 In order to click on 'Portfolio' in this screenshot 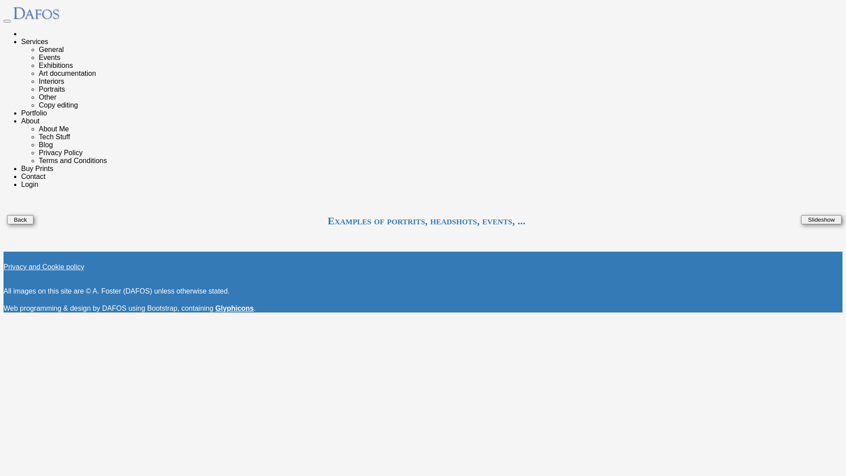, I will do `click(21, 112)`.